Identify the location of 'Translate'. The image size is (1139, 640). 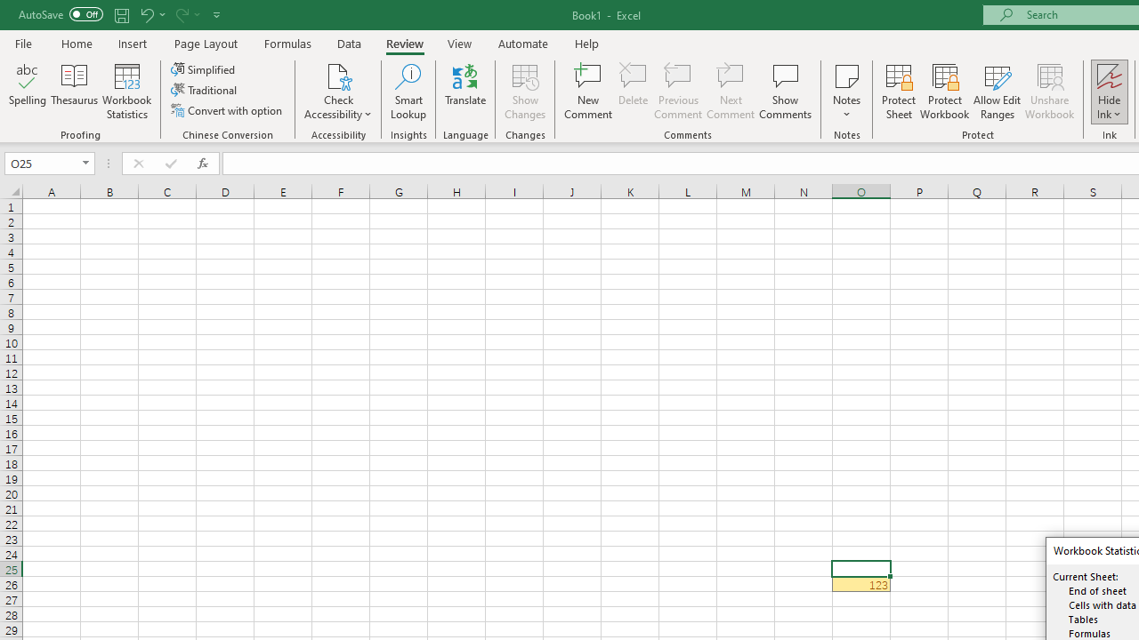
(465, 92).